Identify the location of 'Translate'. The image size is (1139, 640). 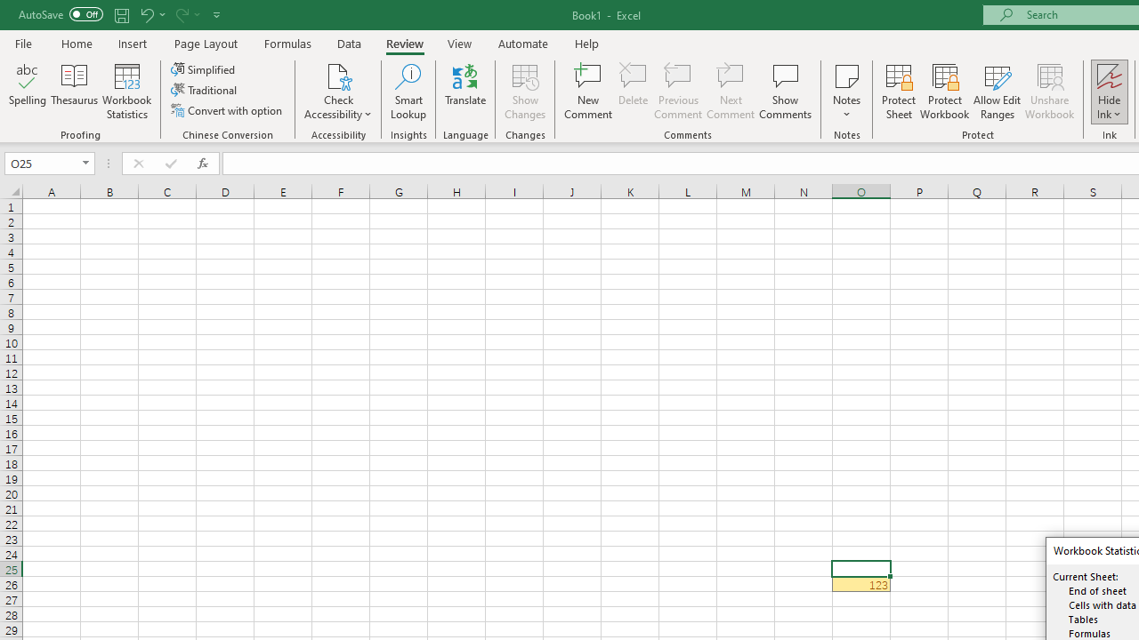
(465, 92).